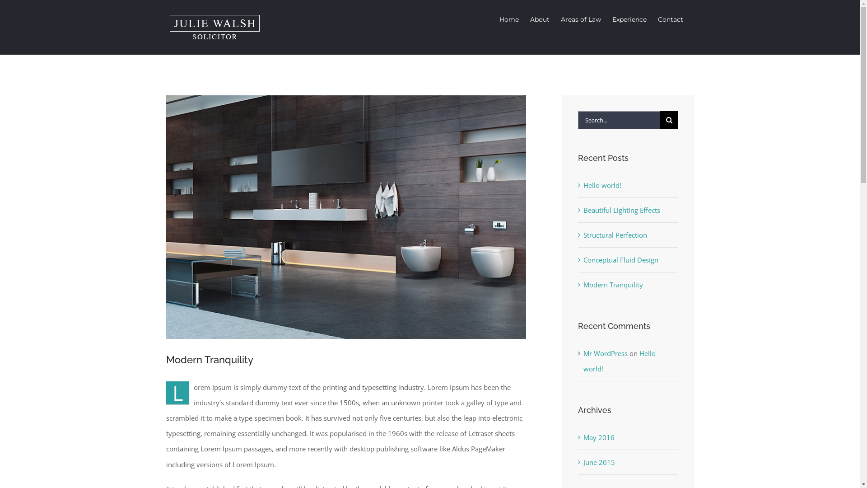 Image resolution: width=867 pixels, height=488 pixels. Describe the element at coordinates (599, 462) in the screenshot. I see `'June 2015'` at that location.